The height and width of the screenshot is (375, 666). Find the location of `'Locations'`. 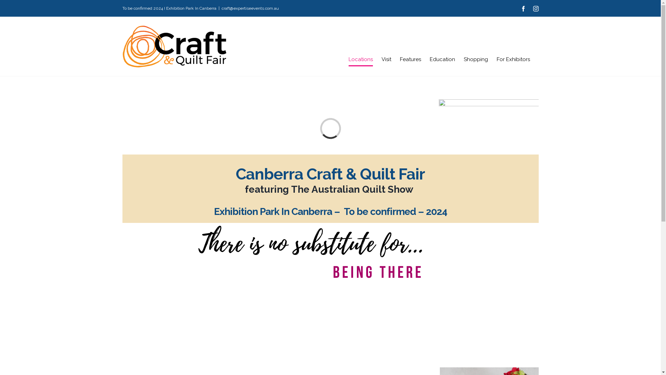

'Locations' is located at coordinates (348, 59).